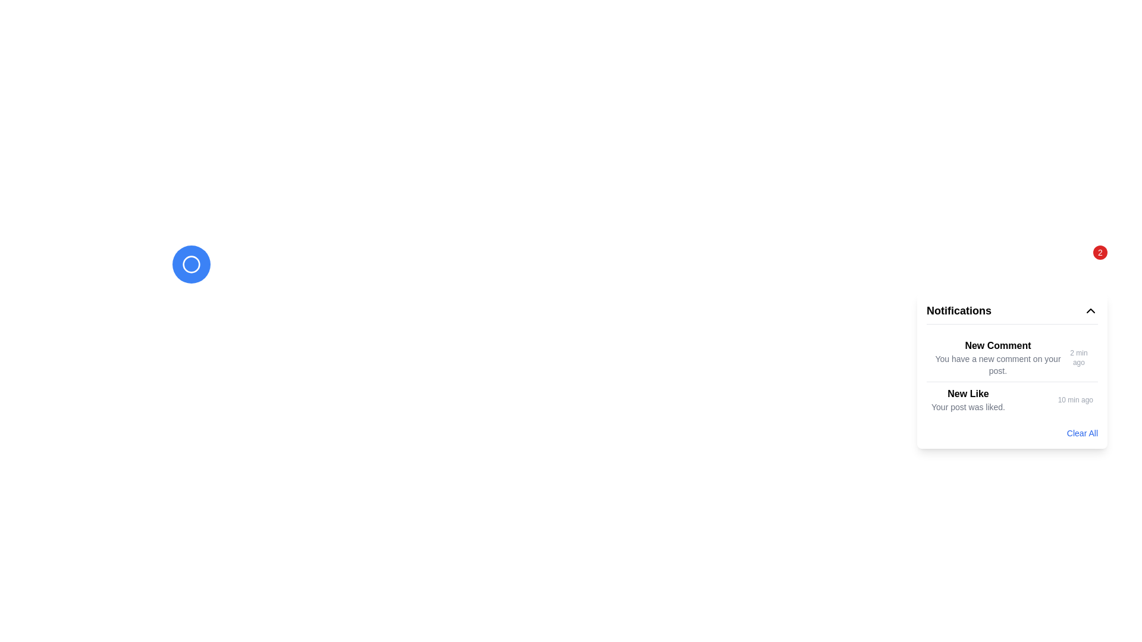 The height and width of the screenshot is (642, 1142). I want to click on timestamp text '2 min ago' located in the top-right corner of the notification entry titled 'New Comment', so click(1079, 357).